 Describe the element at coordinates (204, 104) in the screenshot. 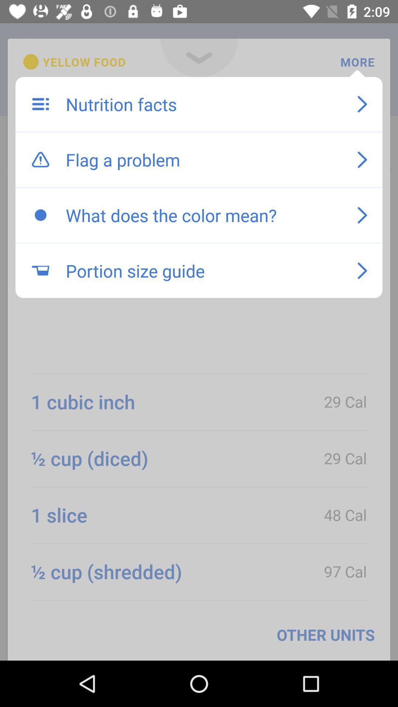

I see `item above flag a problem icon` at that location.